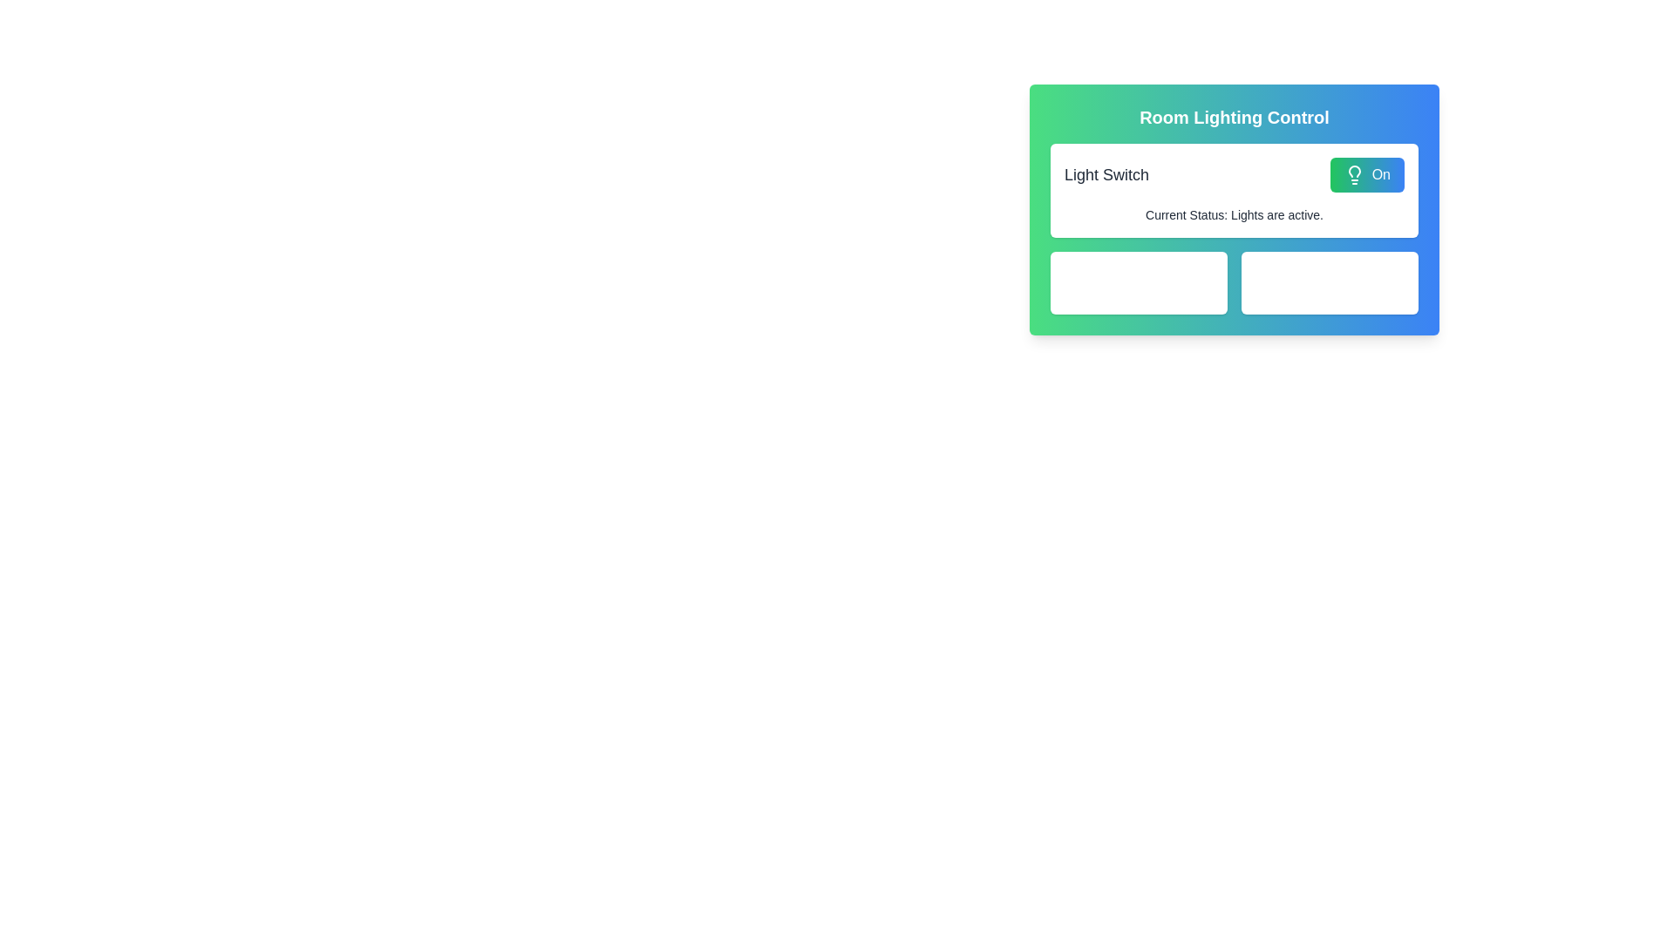 This screenshot has height=941, width=1674. I want to click on the rectangular button with a gradient background transitioning from green to blue, featuring a white lightbulb icon on the left and the text 'On' on the right, located in the upper-right corner of the 'Light Switch' section to engage hover effects, so click(1366, 174).